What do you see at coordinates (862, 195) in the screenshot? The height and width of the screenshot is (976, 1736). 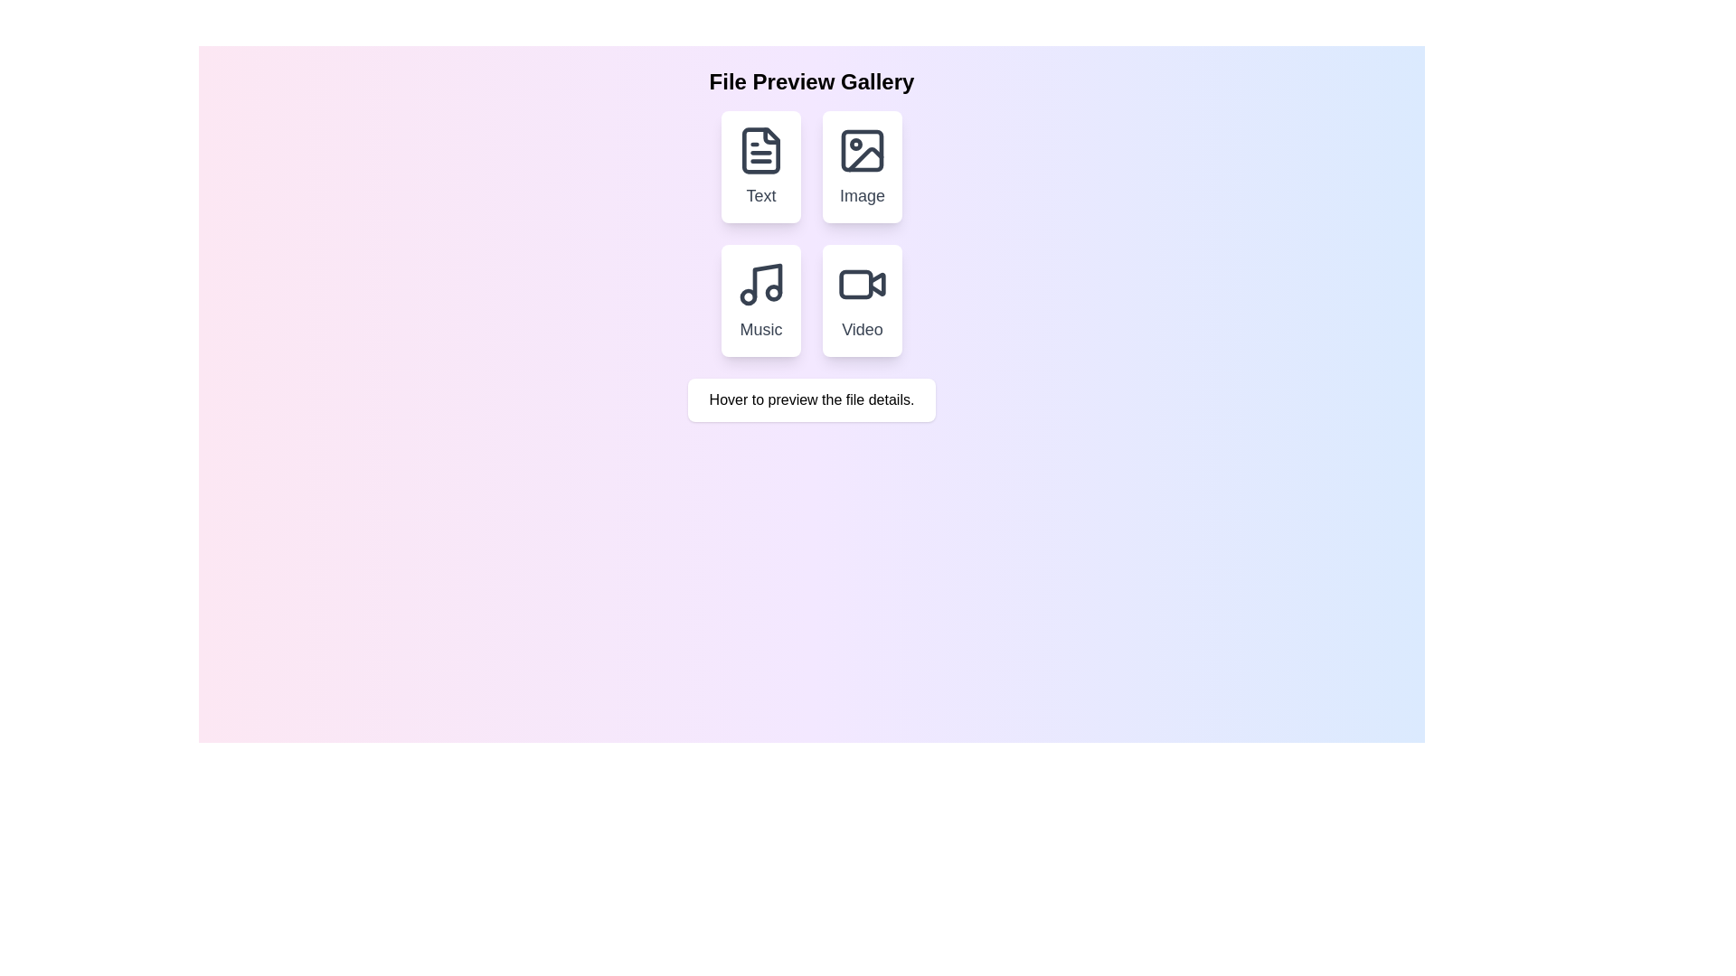 I see `text label displaying the word 'Image' that is located in the second card of the top row in the grid layout, directly beneath the image icon` at bounding box center [862, 195].